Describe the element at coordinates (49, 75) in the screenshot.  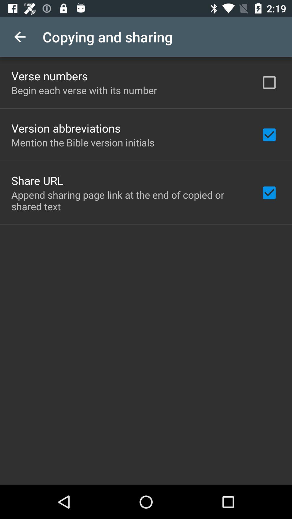
I see `verse numbers item` at that location.